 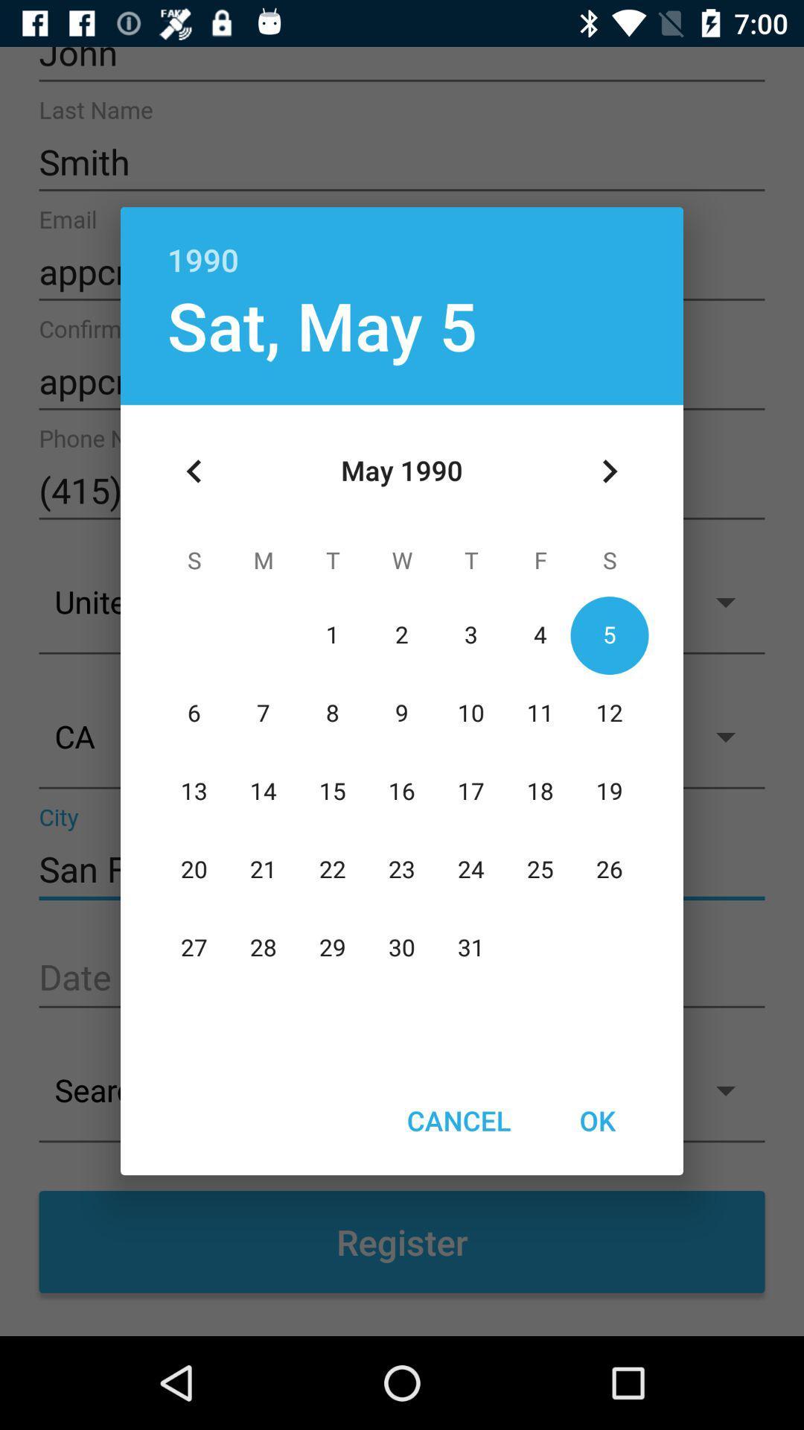 I want to click on icon above the sat, may 5, so click(x=402, y=244).